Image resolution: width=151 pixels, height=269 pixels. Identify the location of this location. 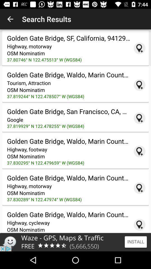
(139, 85).